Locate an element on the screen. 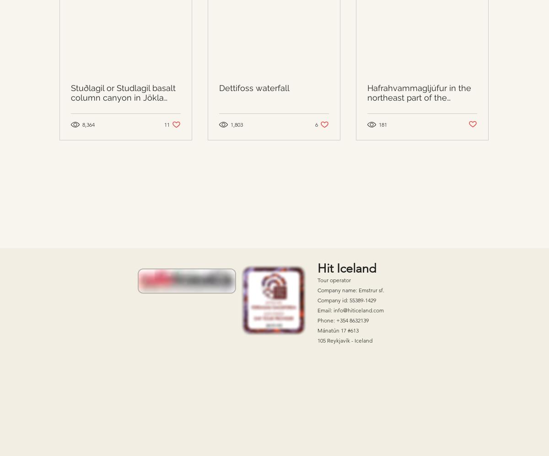 This screenshot has height=456, width=549. 'Company name: Emstrur sf.' is located at coordinates (350, 289).